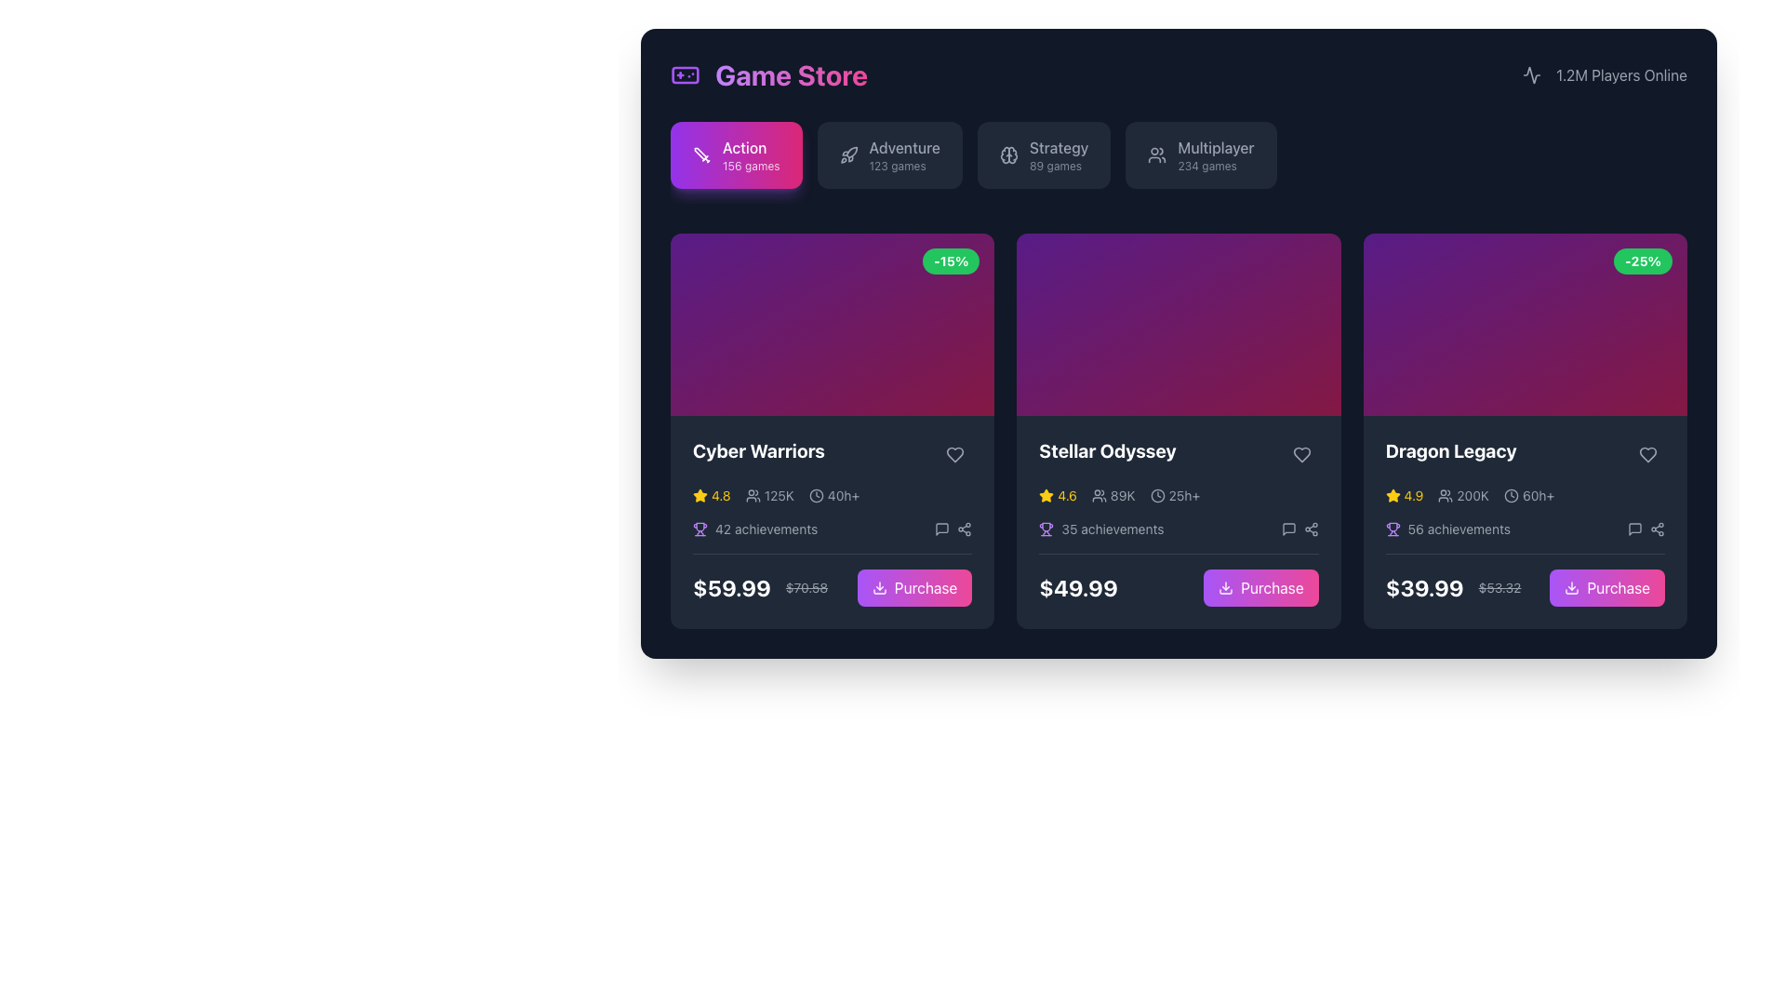 This screenshot has height=1005, width=1786. Describe the element at coordinates (1423, 587) in the screenshot. I see `discounted price displayed in bold on the 'Dragon Legacy' card, located at the bottom section to the left of the strikethrough price` at that location.